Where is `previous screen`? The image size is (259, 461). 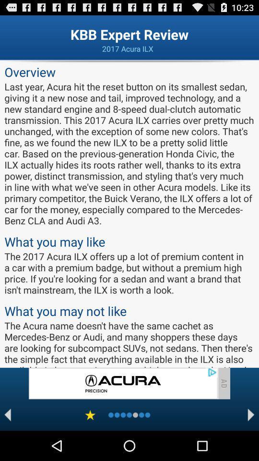
previous screen is located at coordinates (7, 414).